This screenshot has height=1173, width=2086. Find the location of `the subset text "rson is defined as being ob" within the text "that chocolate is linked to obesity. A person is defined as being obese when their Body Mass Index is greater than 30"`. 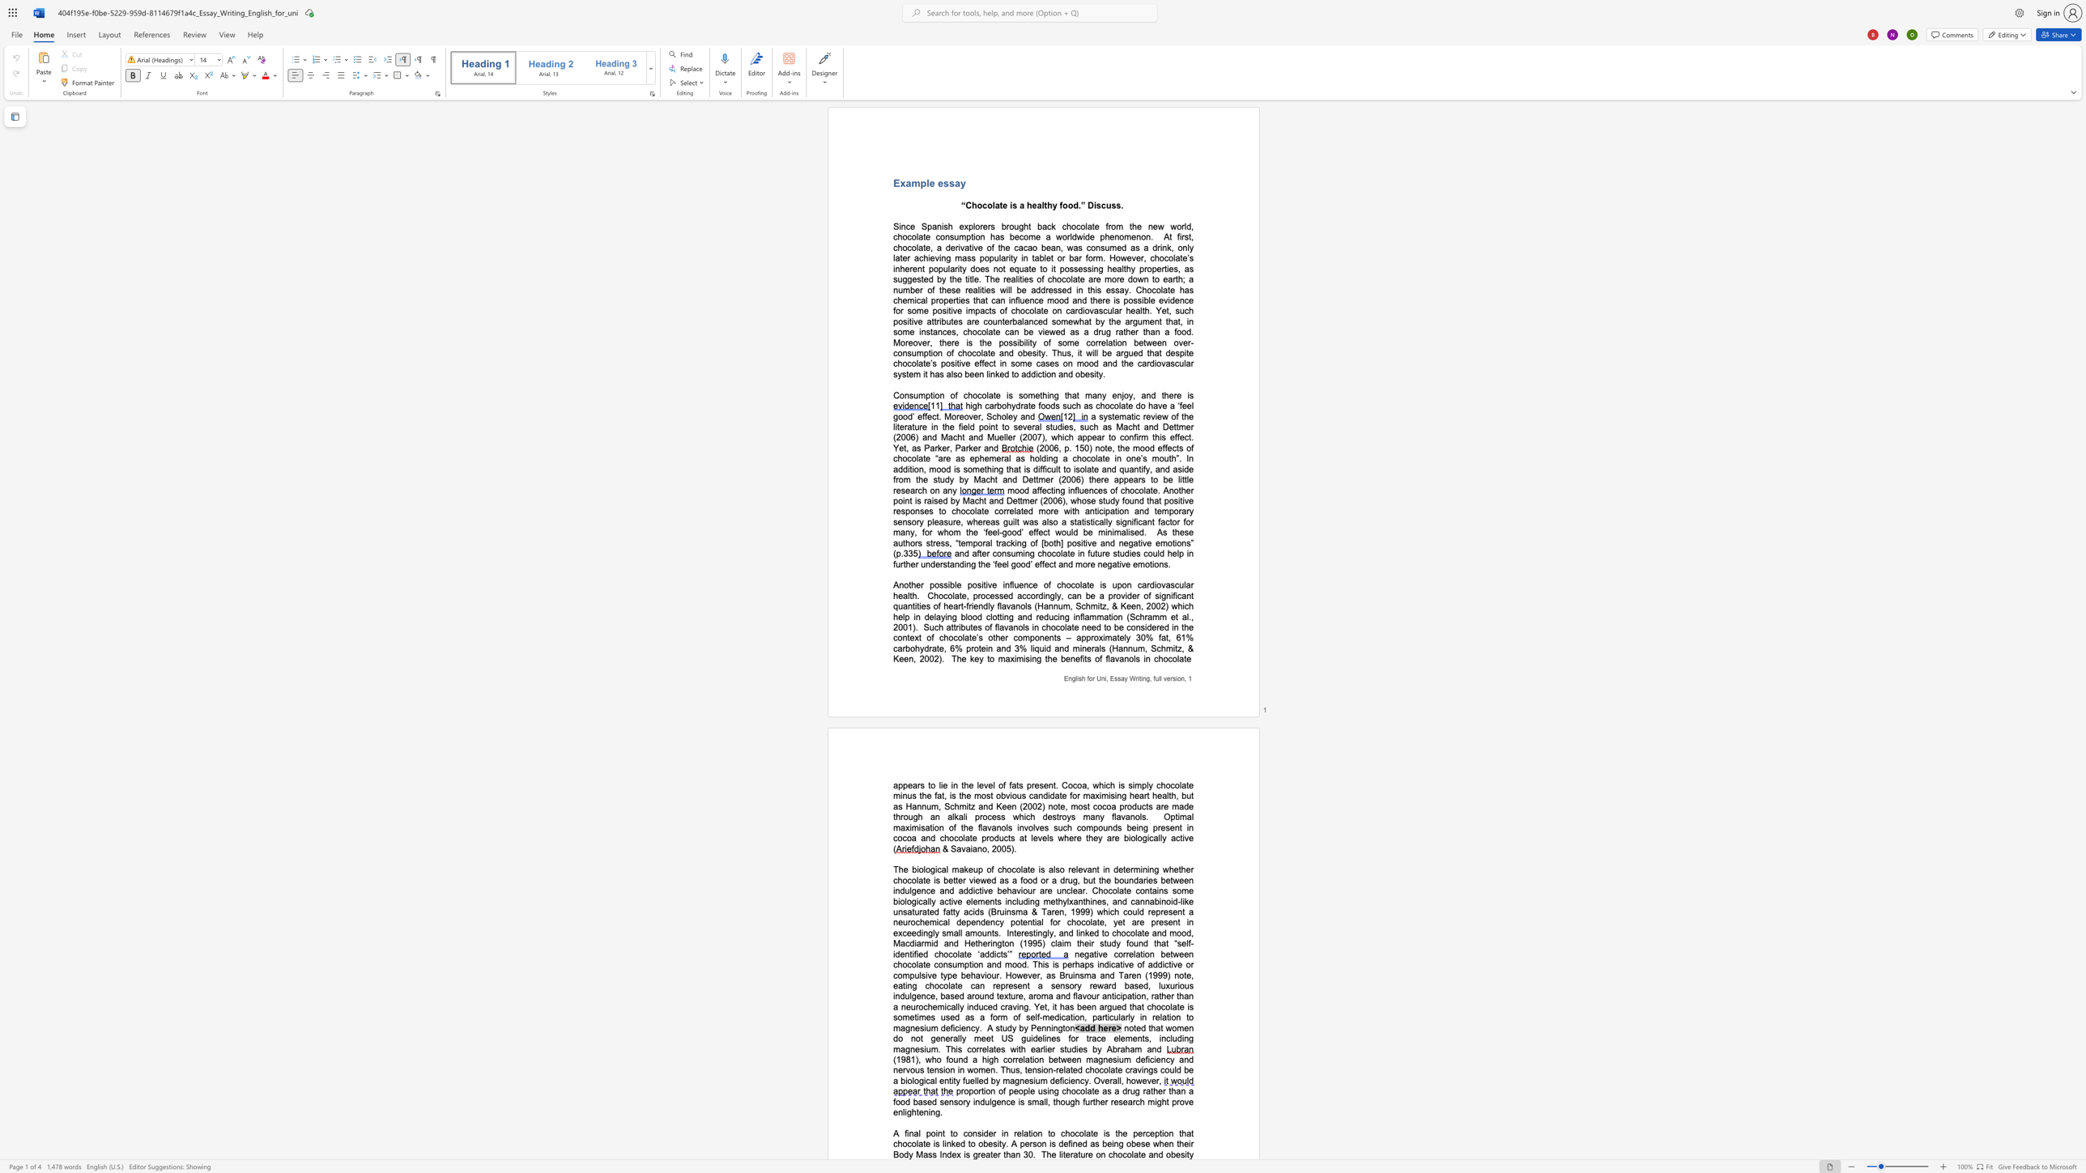

the subset text "rson is defined as being ob" within the text "that chocolate is linked to obesity. A person is defined as being obese when their Body Mass Index is greater than 30" is located at coordinates (1029, 1143).